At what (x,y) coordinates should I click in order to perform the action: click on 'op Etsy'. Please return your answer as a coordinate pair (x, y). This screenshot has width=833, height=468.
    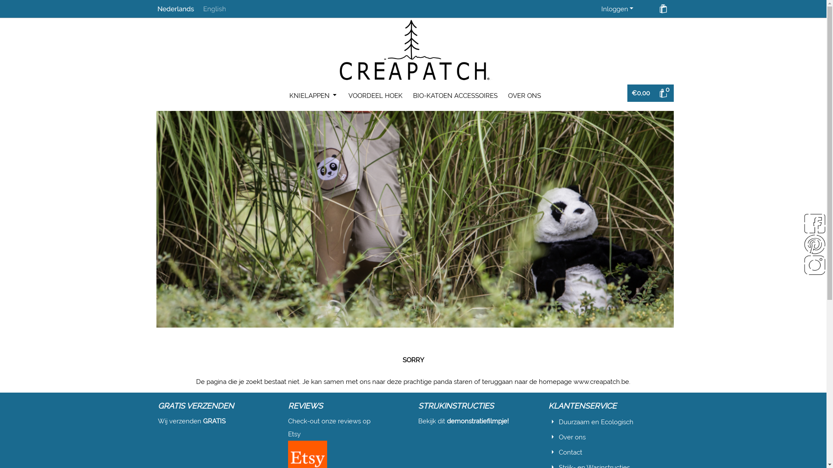
    Looking at the image, I should click on (328, 427).